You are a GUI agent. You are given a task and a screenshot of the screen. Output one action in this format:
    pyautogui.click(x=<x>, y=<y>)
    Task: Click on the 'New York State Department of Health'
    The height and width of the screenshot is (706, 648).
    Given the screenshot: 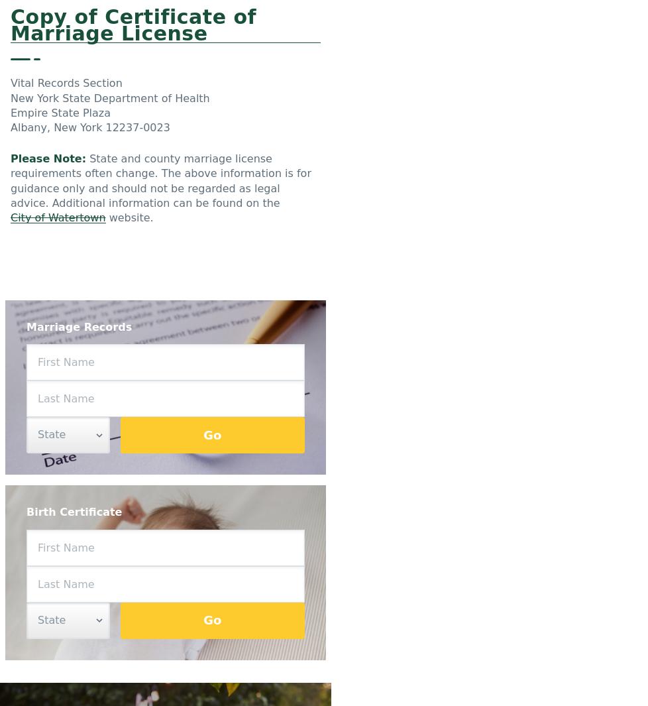 What is the action you would take?
    pyautogui.click(x=109, y=97)
    